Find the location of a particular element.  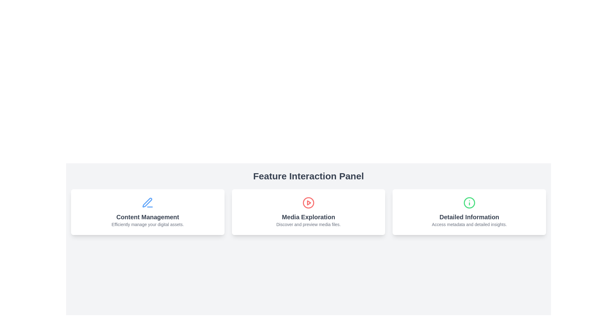

text label that contains the content 'Discover and preview media files.' which is styled in a small-sized, gray font and is centered below the title 'Media Exploration' in a card-like UI element is located at coordinates (308, 224).